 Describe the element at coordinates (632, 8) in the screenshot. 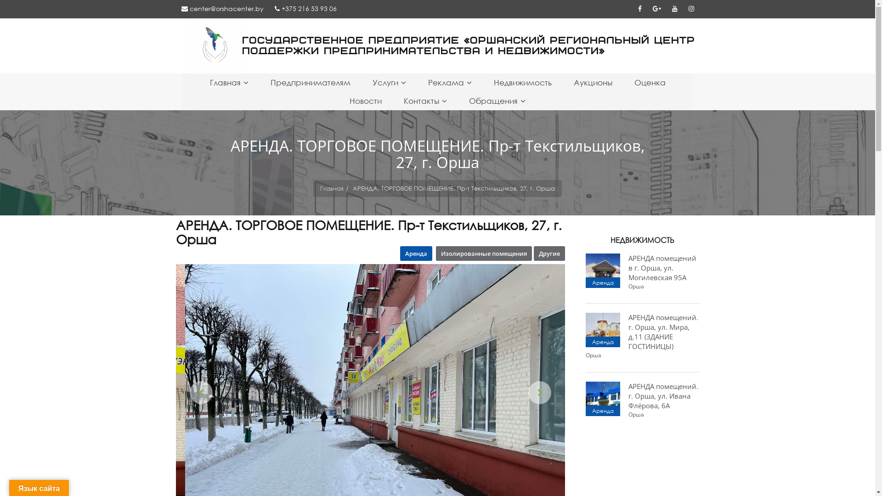

I see `'Facebook'` at that location.